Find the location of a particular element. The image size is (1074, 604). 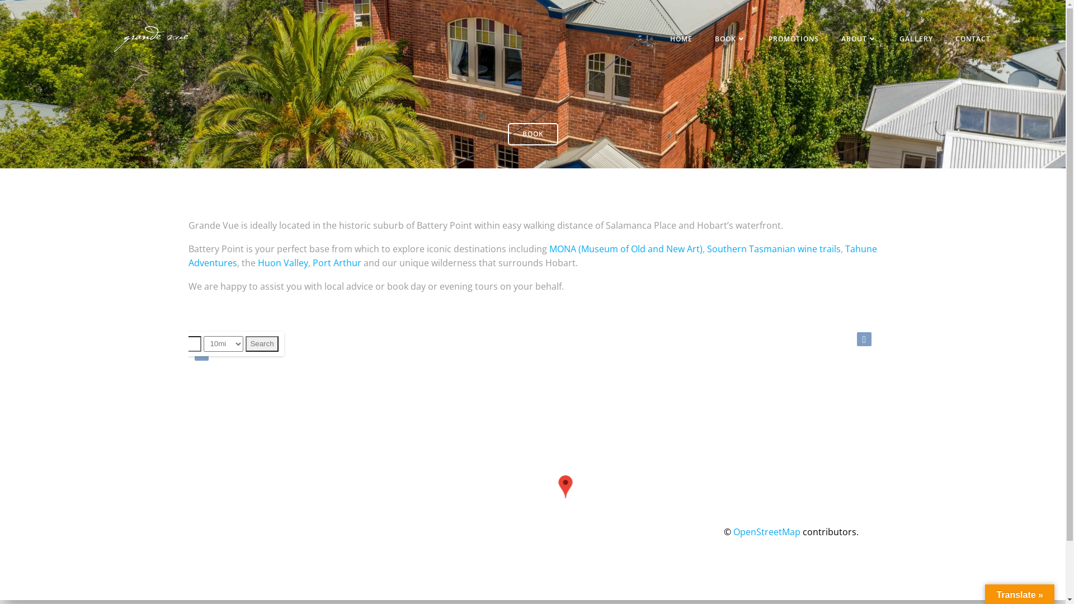

'ABOUT' is located at coordinates (841, 38).